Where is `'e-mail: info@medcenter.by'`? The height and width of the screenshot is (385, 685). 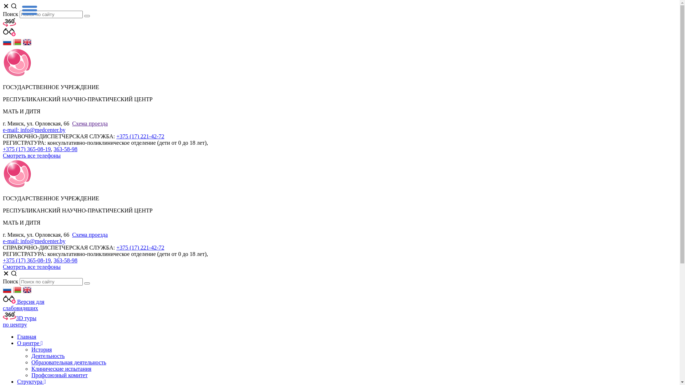
'e-mail: info@medcenter.by' is located at coordinates (34, 241).